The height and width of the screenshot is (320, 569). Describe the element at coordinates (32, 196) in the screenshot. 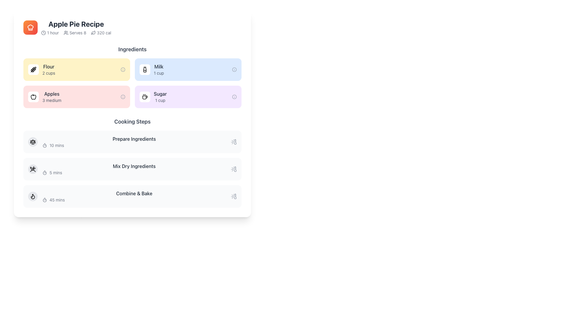

I see `the 'Combine & Bake' icon located at the bottom of the 'Cooking Steps' section, which serves as a visual identifier for this step` at that location.